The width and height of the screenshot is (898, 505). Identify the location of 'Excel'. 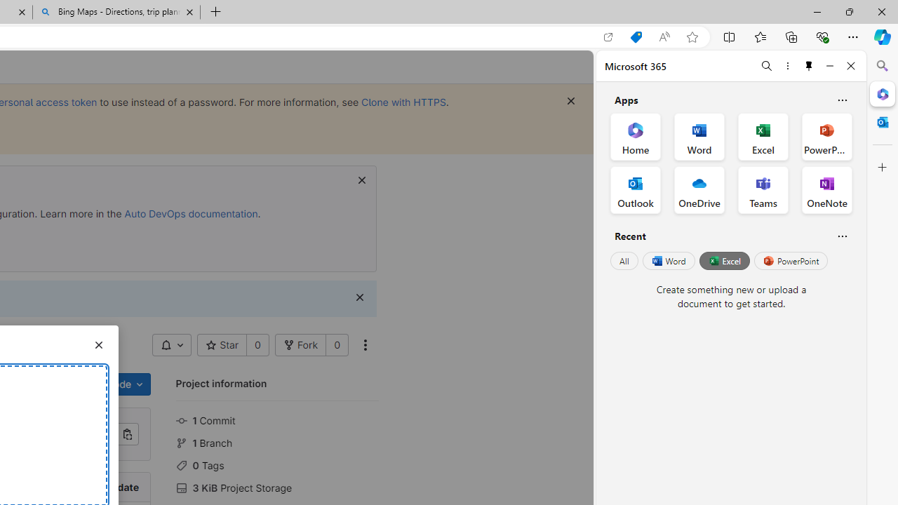
(724, 261).